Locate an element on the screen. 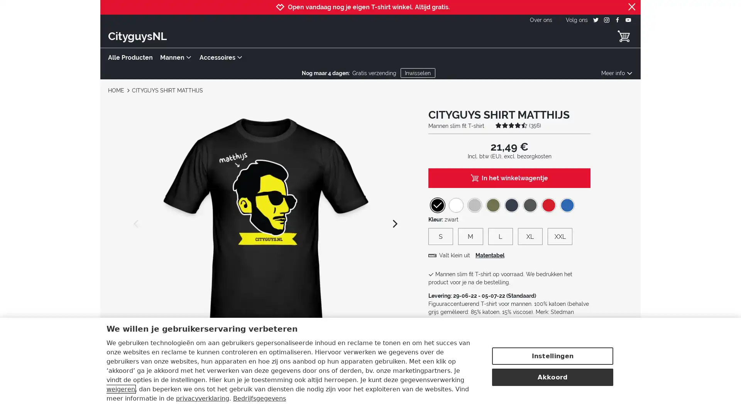 The height and width of the screenshot is (416, 741). Akkoord is located at coordinates (552, 371).